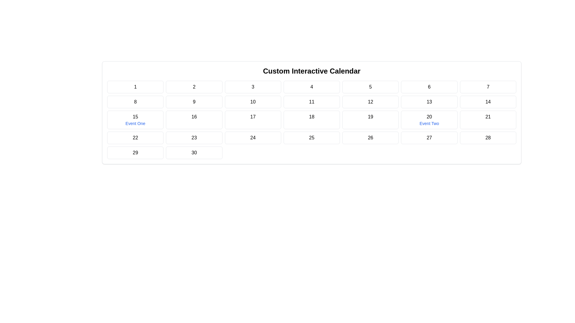  Describe the element at coordinates (311, 138) in the screenshot. I see `the button-like calendar date cell representing the 25th date in the calendar interface` at that location.